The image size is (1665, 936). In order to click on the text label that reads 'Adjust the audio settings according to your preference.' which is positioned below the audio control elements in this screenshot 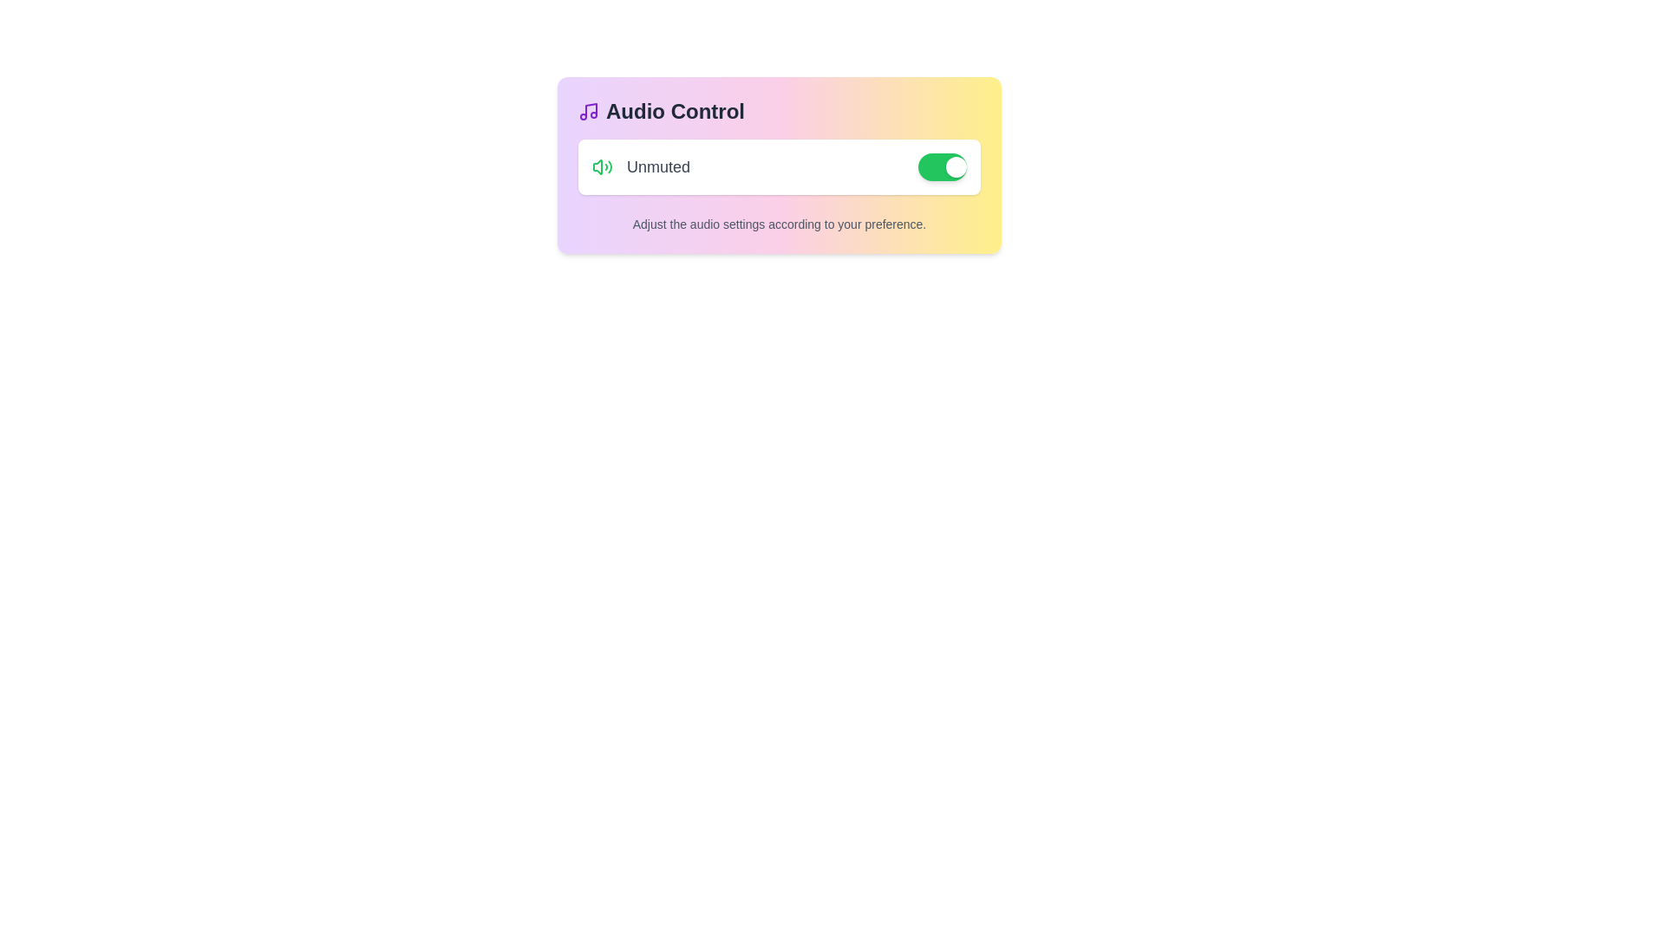, I will do `click(778, 223)`.